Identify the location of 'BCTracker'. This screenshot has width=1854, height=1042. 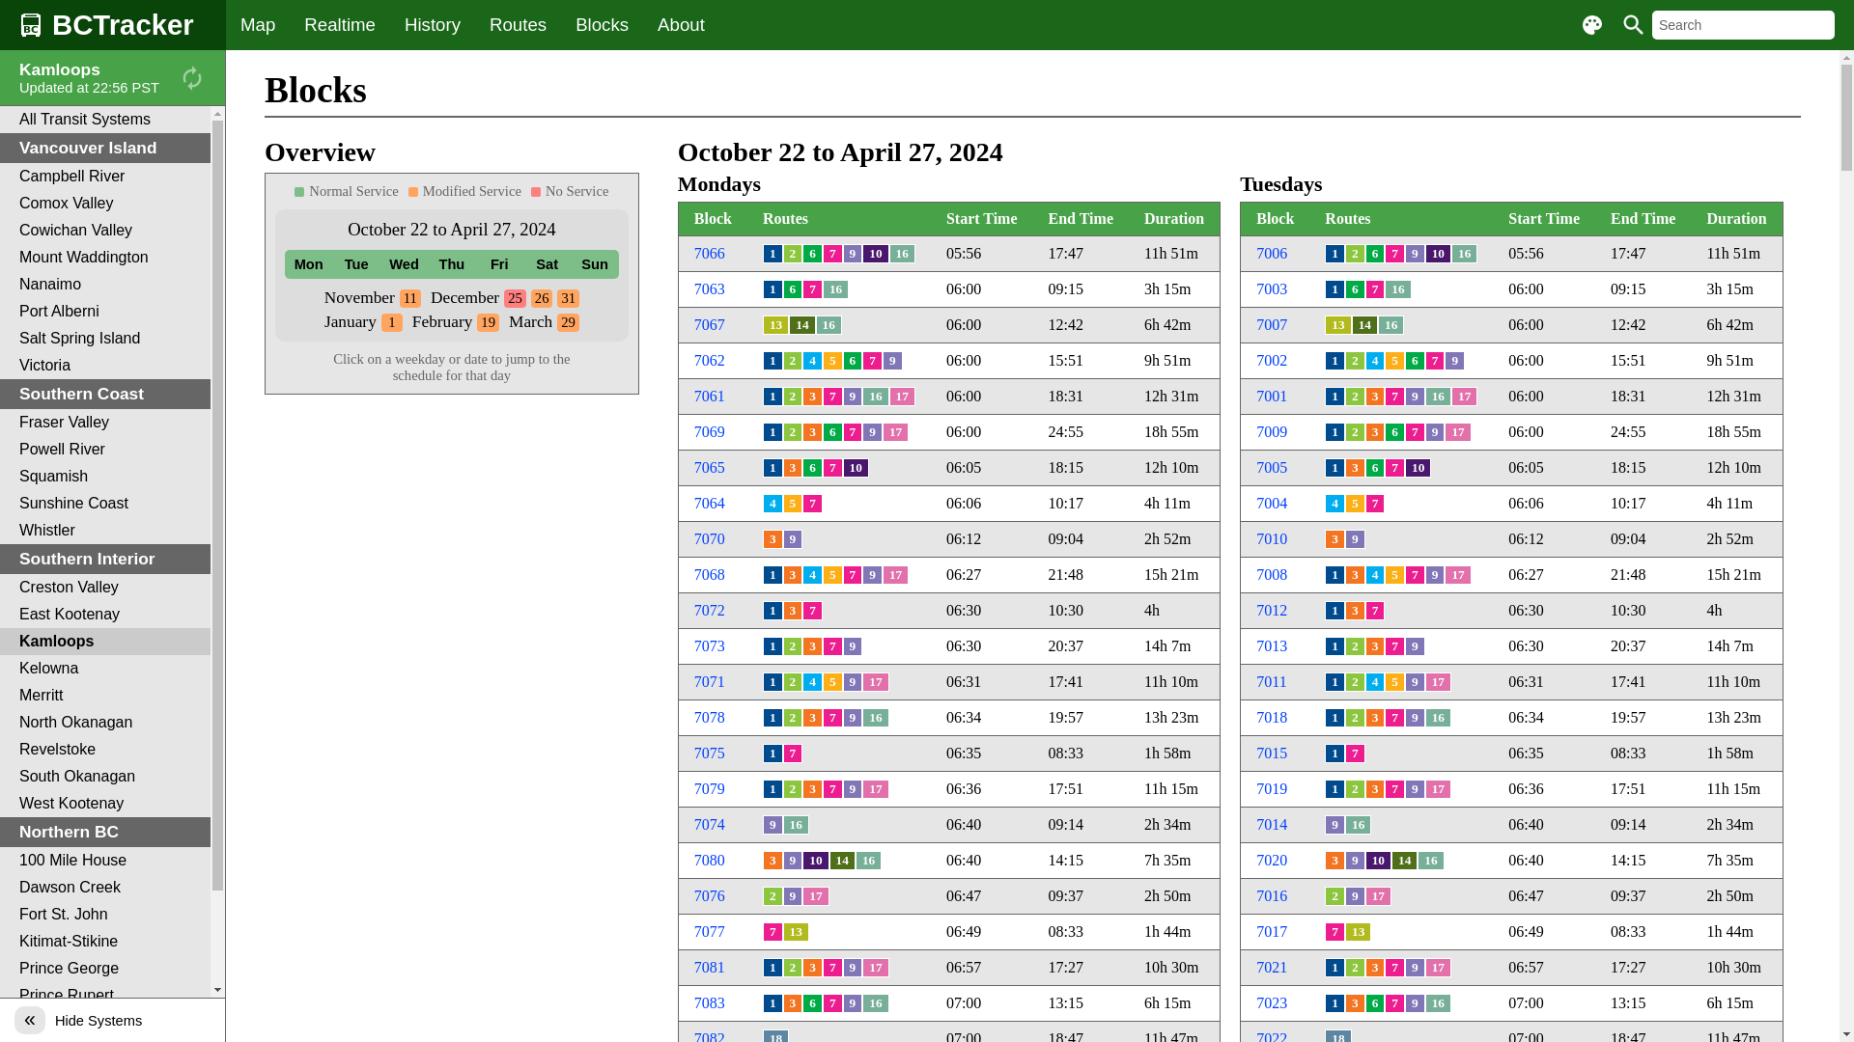
(111, 25).